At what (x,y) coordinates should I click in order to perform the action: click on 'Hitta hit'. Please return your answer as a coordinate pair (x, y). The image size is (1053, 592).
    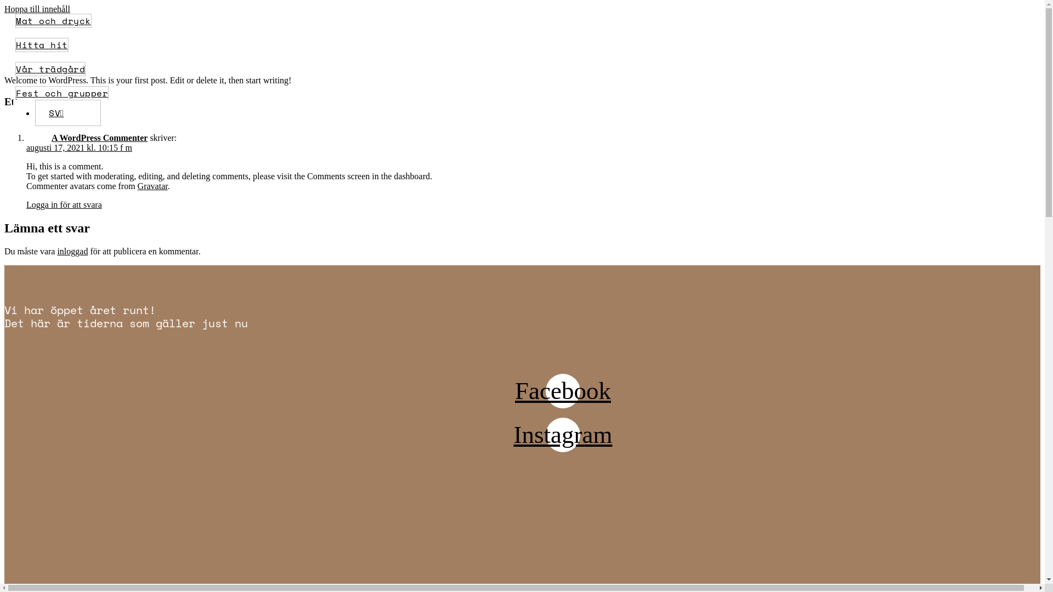
    Looking at the image, I should click on (42, 44).